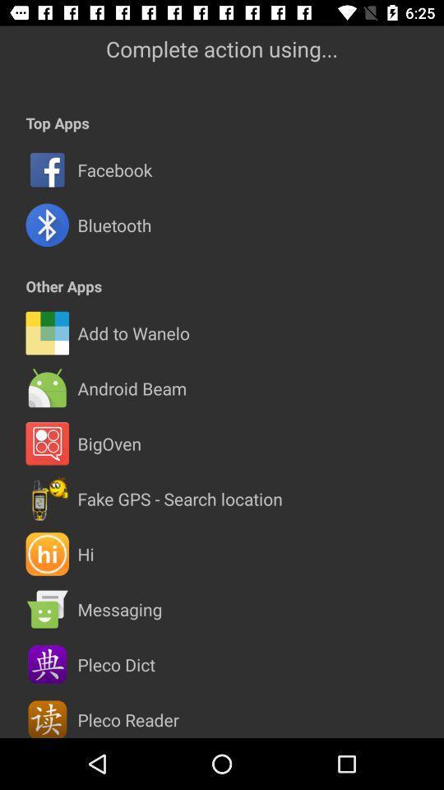 This screenshot has width=444, height=790. I want to click on the other apps, so click(62, 286).